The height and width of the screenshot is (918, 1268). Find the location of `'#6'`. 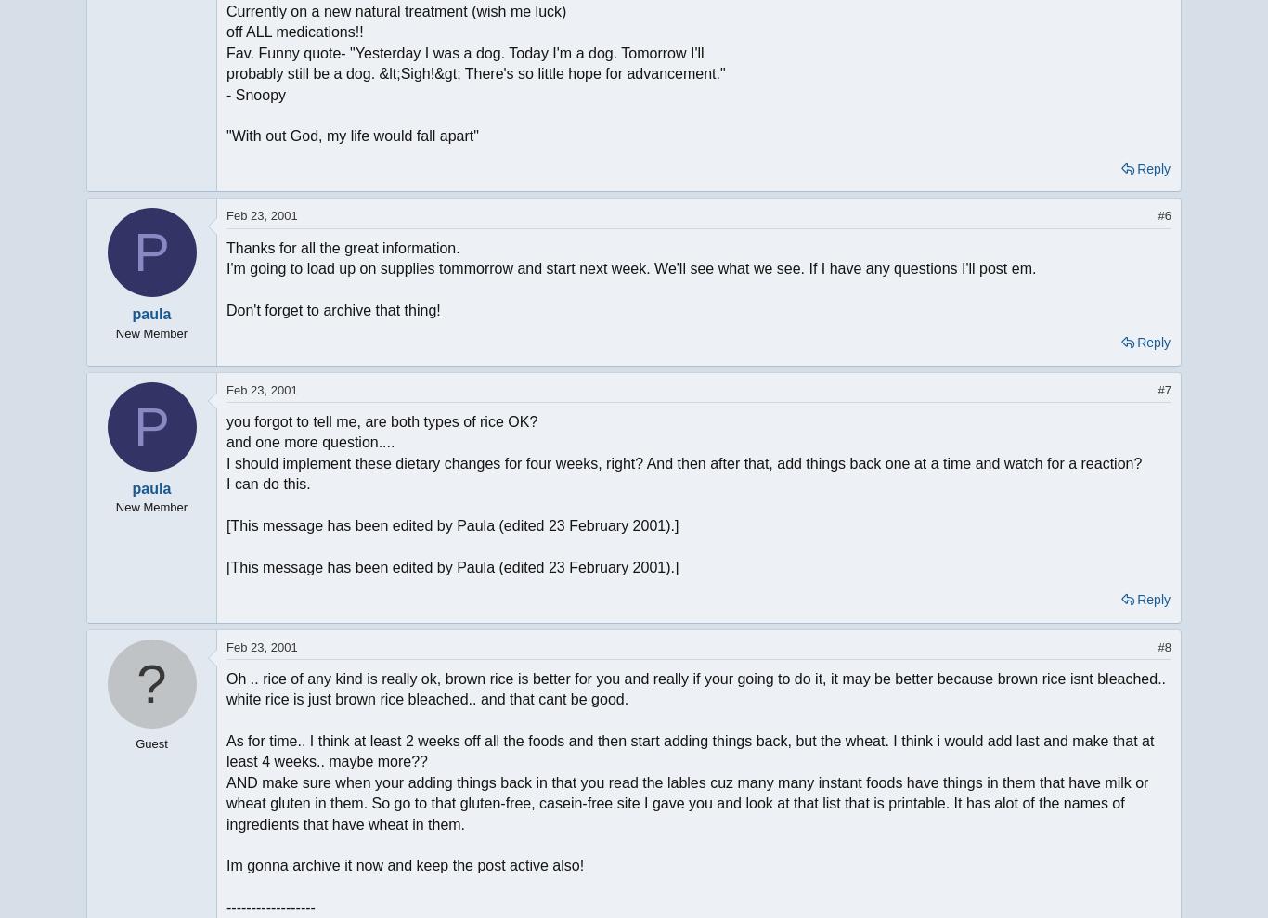

'#6' is located at coordinates (1163, 214).